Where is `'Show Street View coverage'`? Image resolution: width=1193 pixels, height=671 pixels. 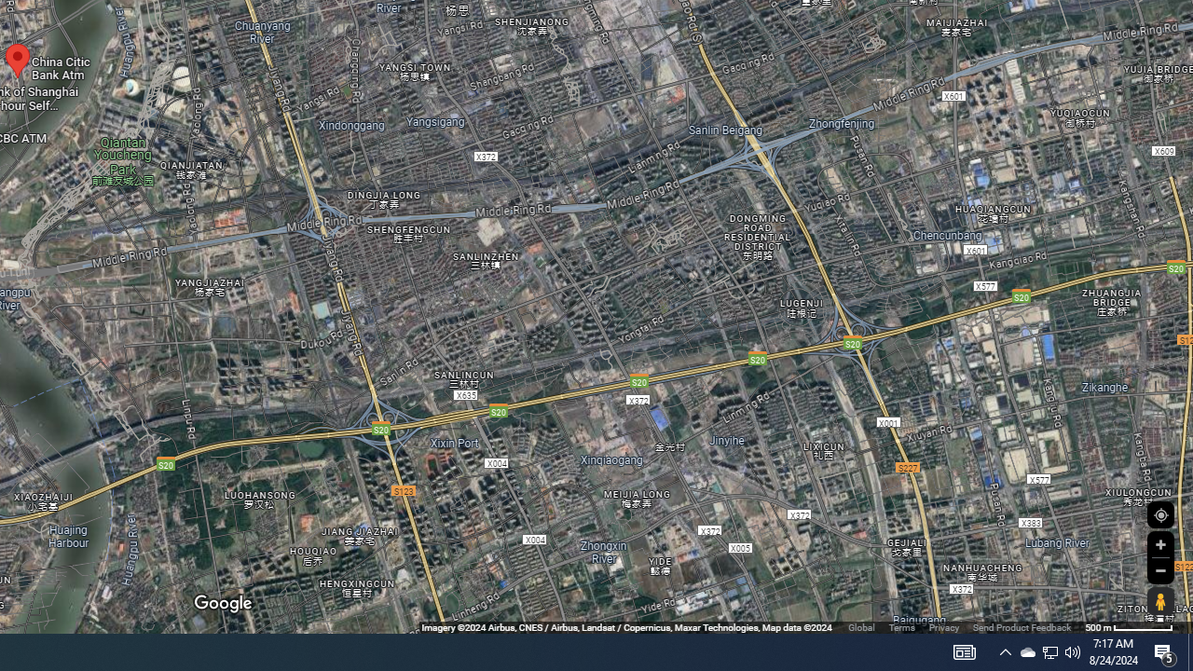 'Show Street View coverage' is located at coordinates (1159, 601).